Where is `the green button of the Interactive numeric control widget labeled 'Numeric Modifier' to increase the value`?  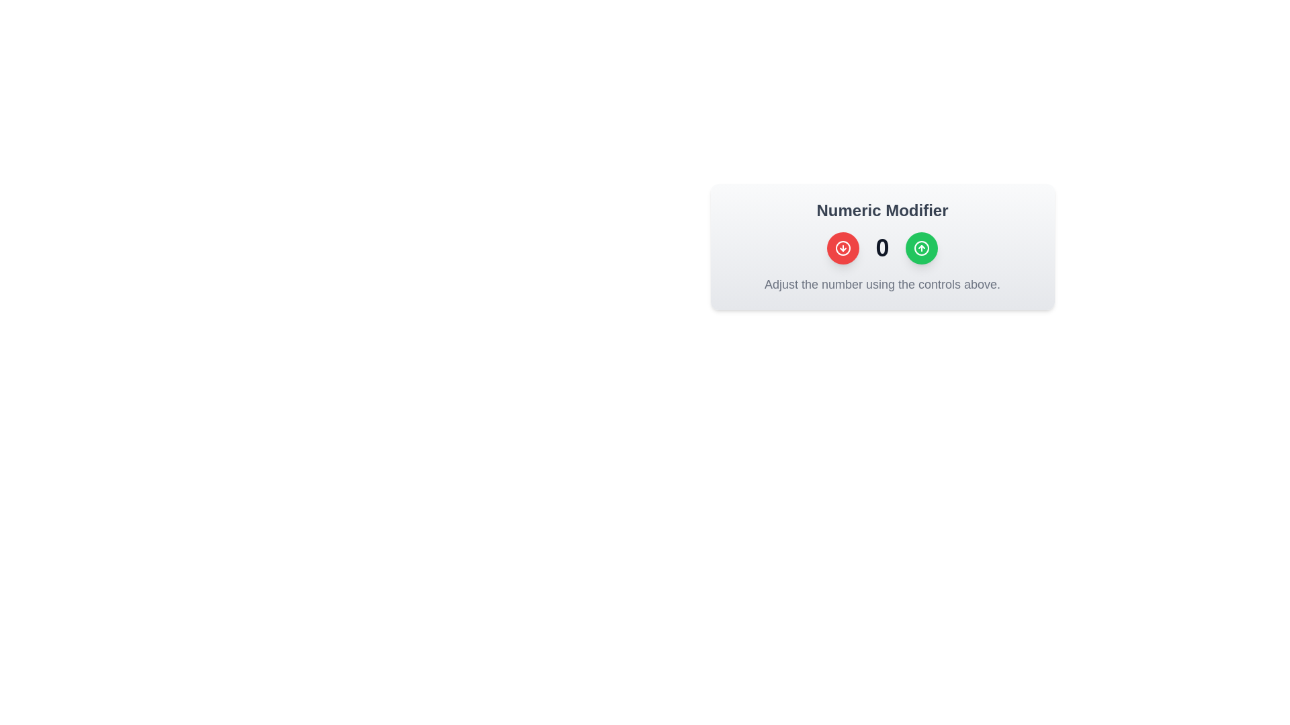 the green button of the Interactive numeric control widget labeled 'Numeric Modifier' to increase the value is located at coordinates (882, 246).